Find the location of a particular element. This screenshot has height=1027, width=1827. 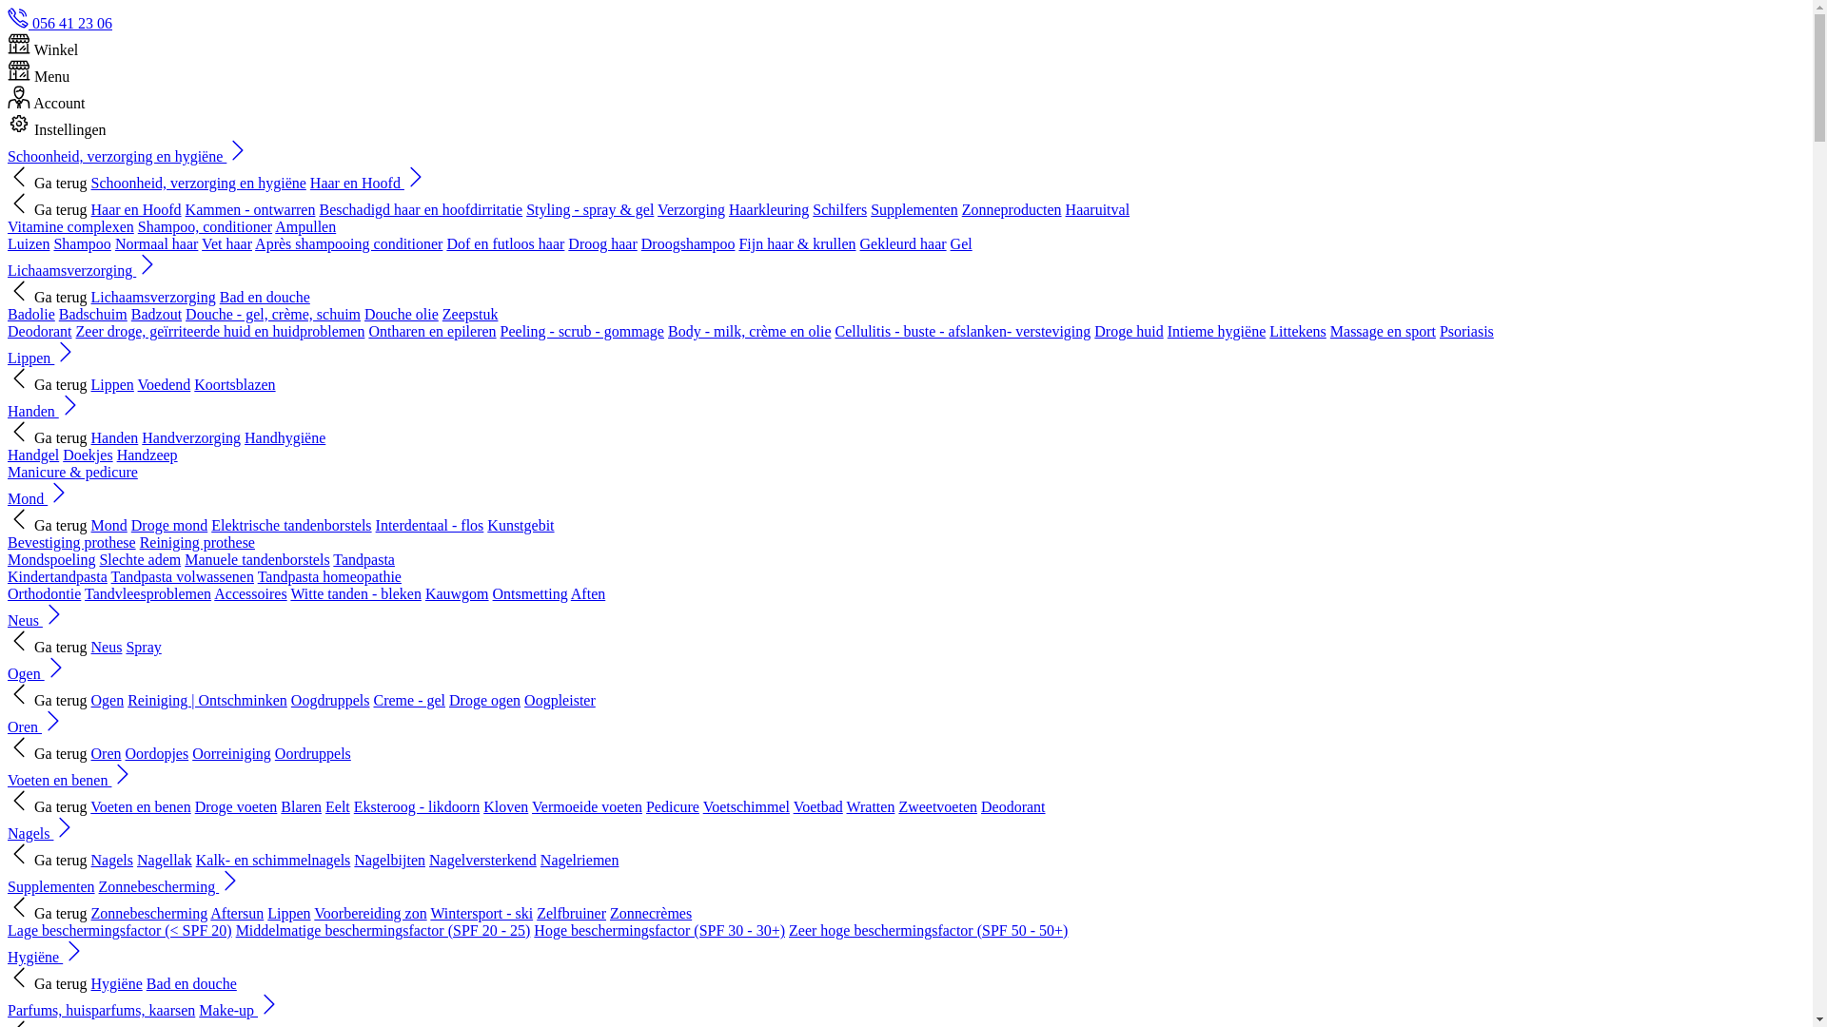

'Kauwgom' is located at coordinates (423, 592).